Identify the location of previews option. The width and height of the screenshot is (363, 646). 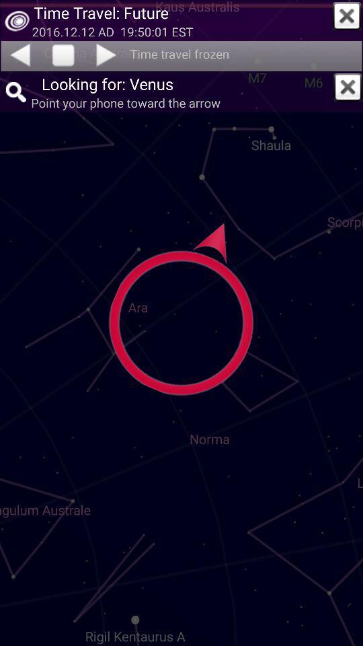
(19, 55).